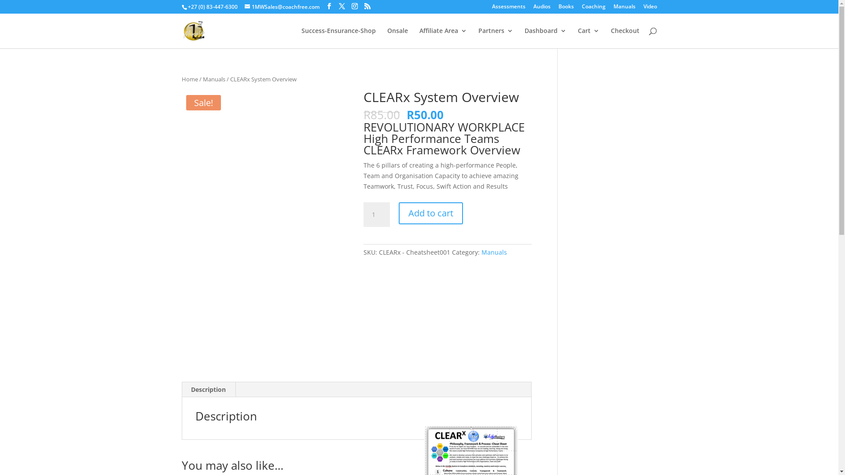  What do you see at coordinates (577, 37) in the screenshot?
I see `'Cart'` at bounding box center [577, 37].